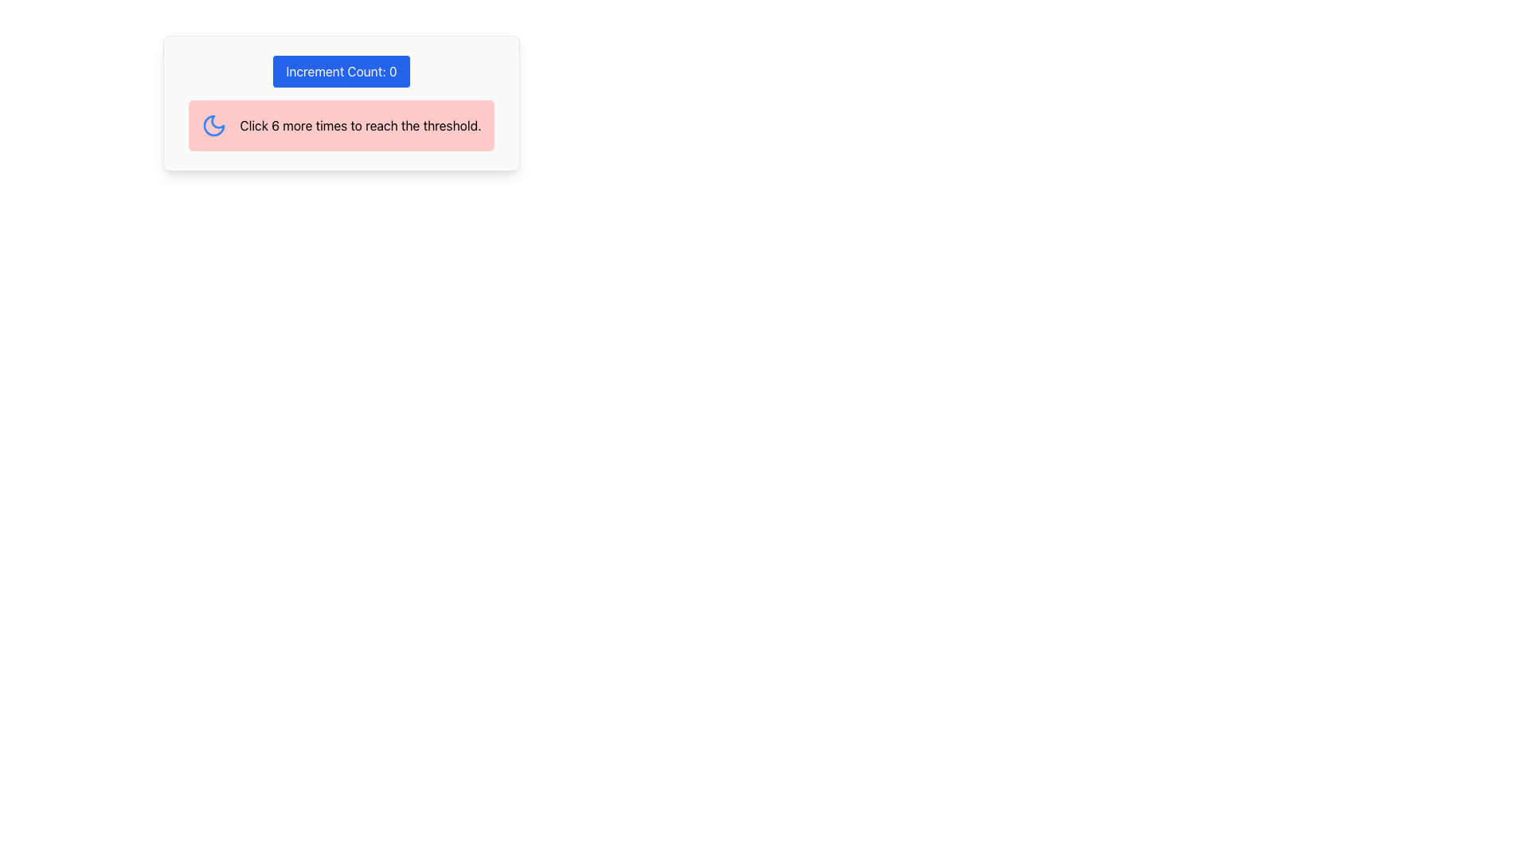  What do you see at coordinates (340, 125) in the screenshot?
I see `the Textual Status Indicator with a light pink background that contains the text 'Click 6 more times to reach the threshold.' and a blue moon icon, located below the 'Increment Count: 0' button` at bounding box center [340, 125].